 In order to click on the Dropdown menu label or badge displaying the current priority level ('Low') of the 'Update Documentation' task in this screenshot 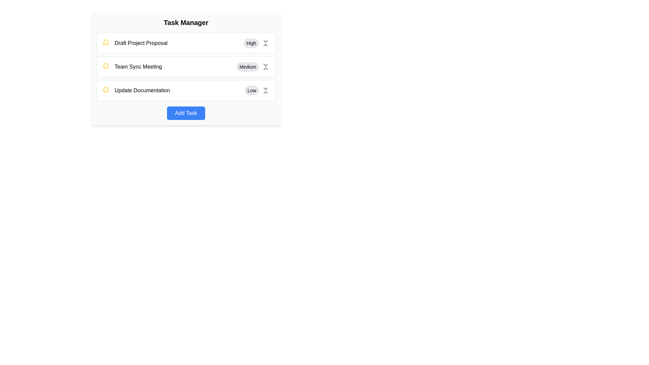, I will do `click(257, 90)`.